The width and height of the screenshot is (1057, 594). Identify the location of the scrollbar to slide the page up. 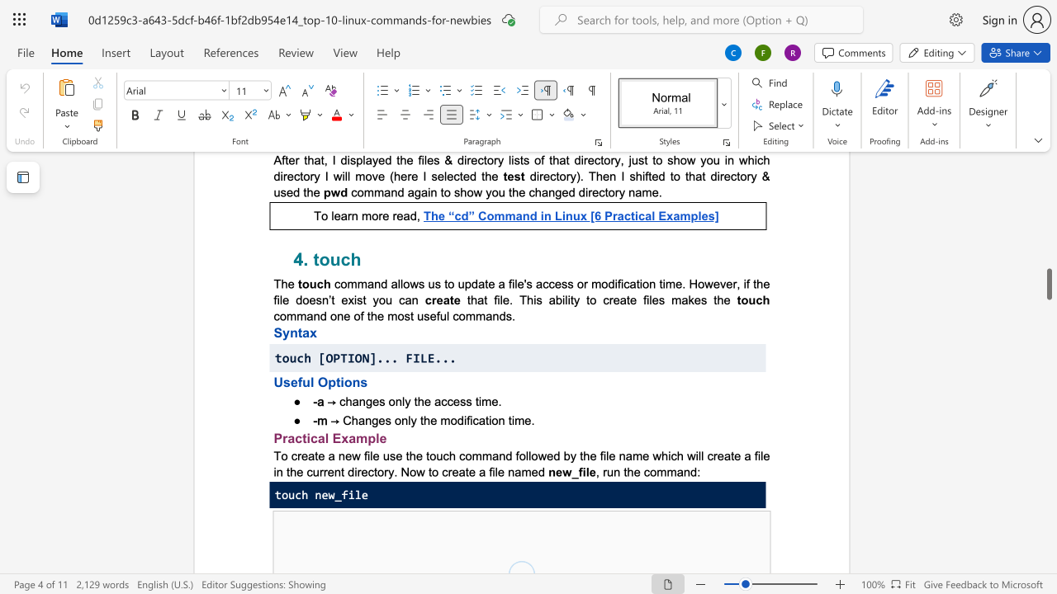
(1048, 231).